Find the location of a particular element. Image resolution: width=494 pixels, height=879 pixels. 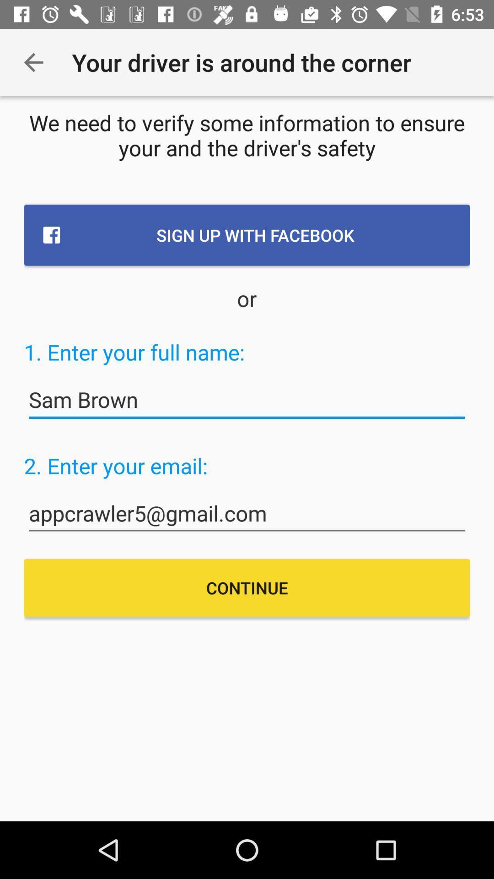

the icon below the we need to item is located at coordinates (247, 235).